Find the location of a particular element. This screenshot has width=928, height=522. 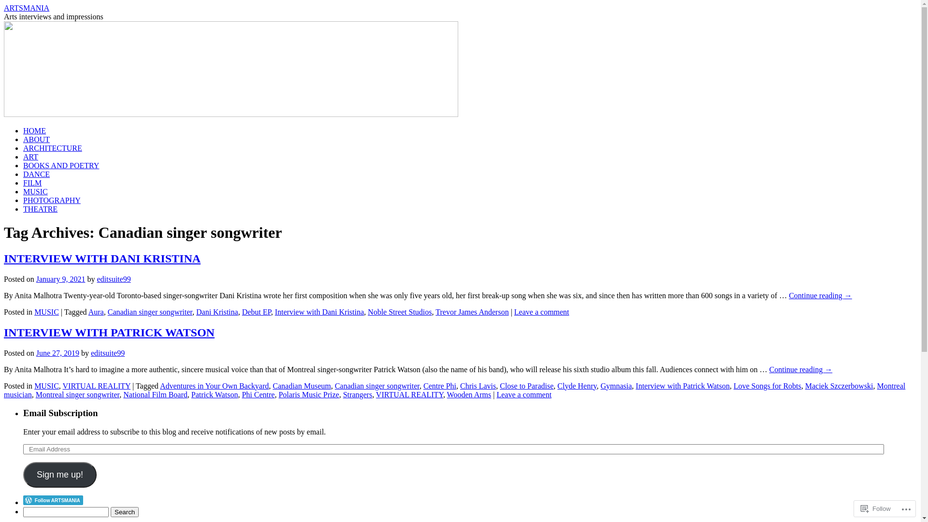

'Strangers' is located at coordinates (357, 394).